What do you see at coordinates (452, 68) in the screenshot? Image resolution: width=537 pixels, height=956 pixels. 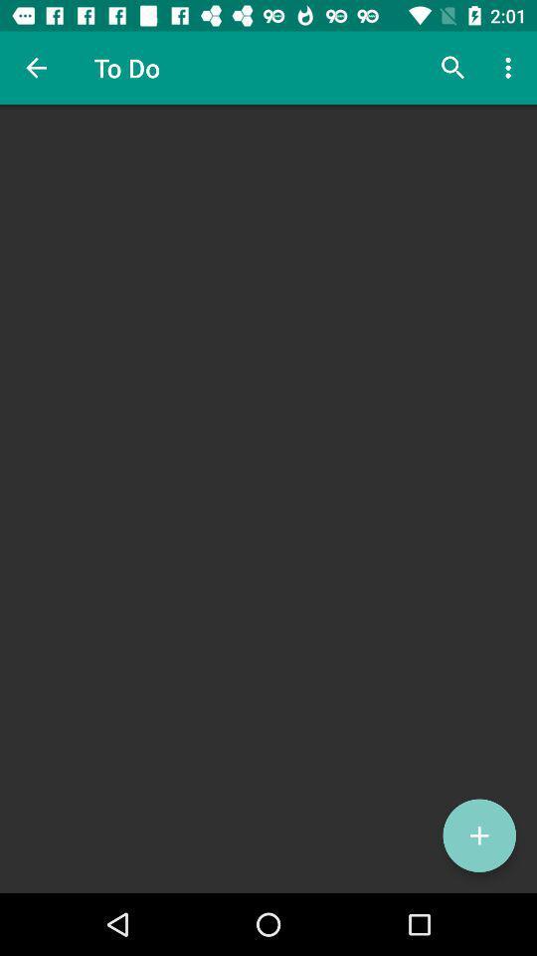 I see `the item next to the to do item` at bounding box center [452, 68].